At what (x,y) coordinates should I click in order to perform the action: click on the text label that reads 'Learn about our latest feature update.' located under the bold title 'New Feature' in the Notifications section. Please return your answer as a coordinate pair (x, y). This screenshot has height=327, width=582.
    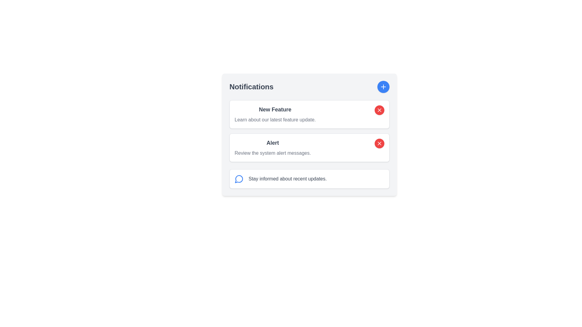
    Looking at the image, I should click on (275, 120).